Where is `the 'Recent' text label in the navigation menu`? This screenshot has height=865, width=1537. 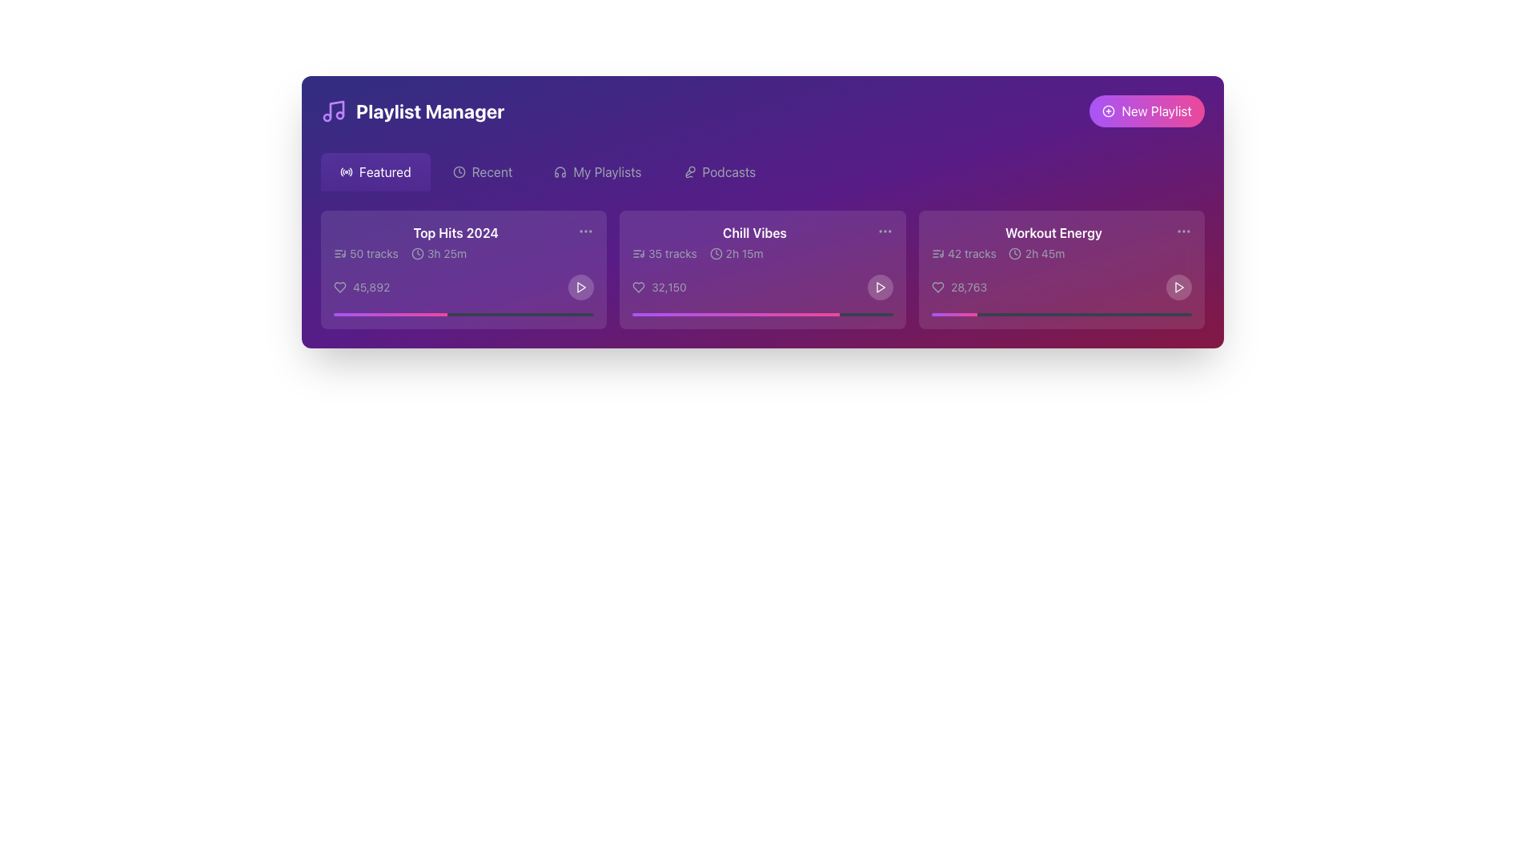 the 'Recent' text label in the navigation menu is located at coordinates (491, 172).